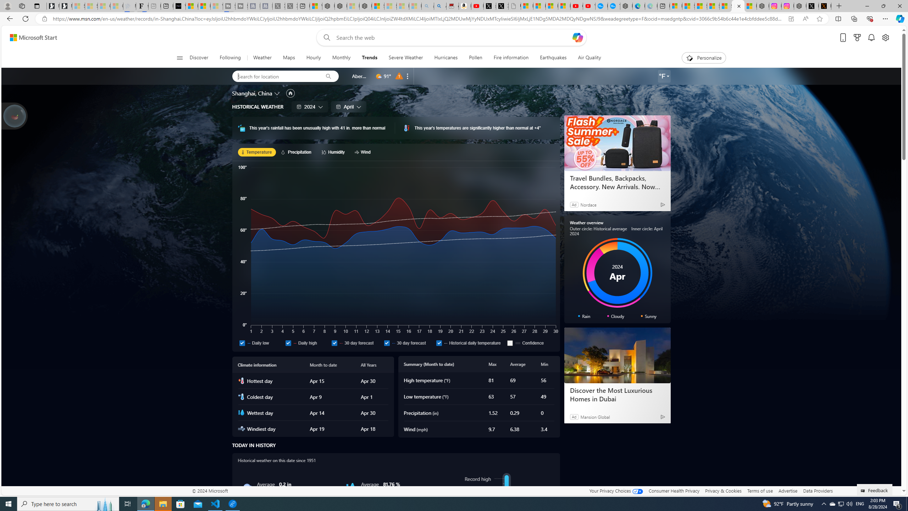 Image resolution: width=908 pixels, height=511 pixels. Describe the element at coordinates (817, 490) in the screenshot. I see `'Data Providers'` at that location.